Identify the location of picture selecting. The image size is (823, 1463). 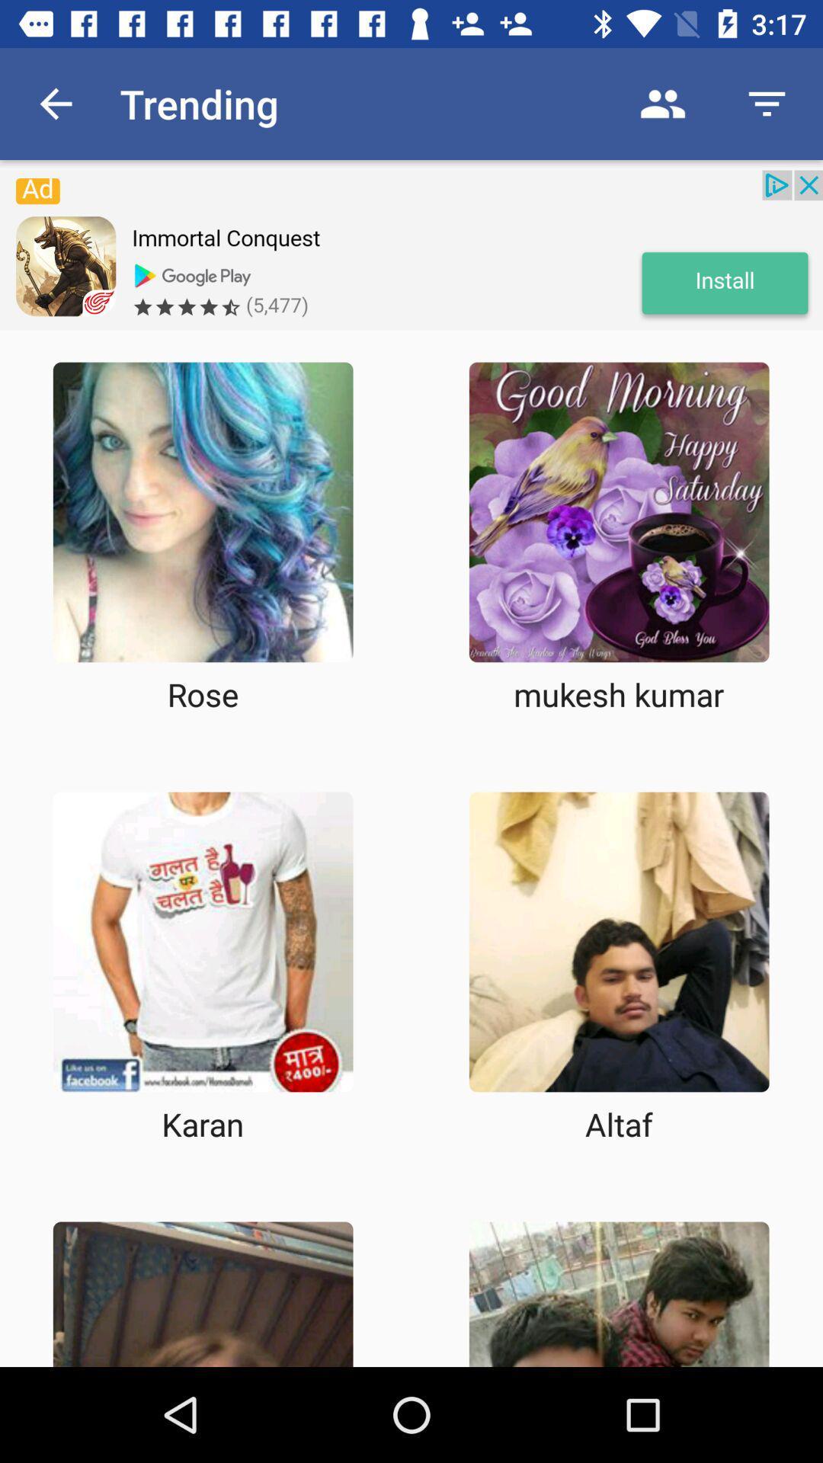
(619, 1293).